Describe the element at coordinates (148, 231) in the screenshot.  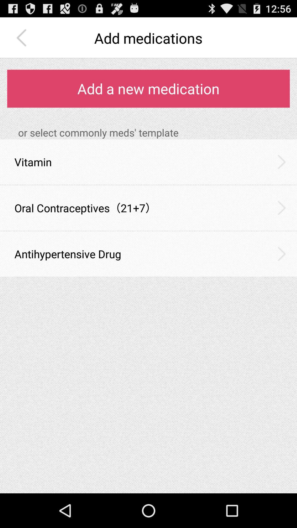
I see `the item below oral contraceptives 21 item` at that location.